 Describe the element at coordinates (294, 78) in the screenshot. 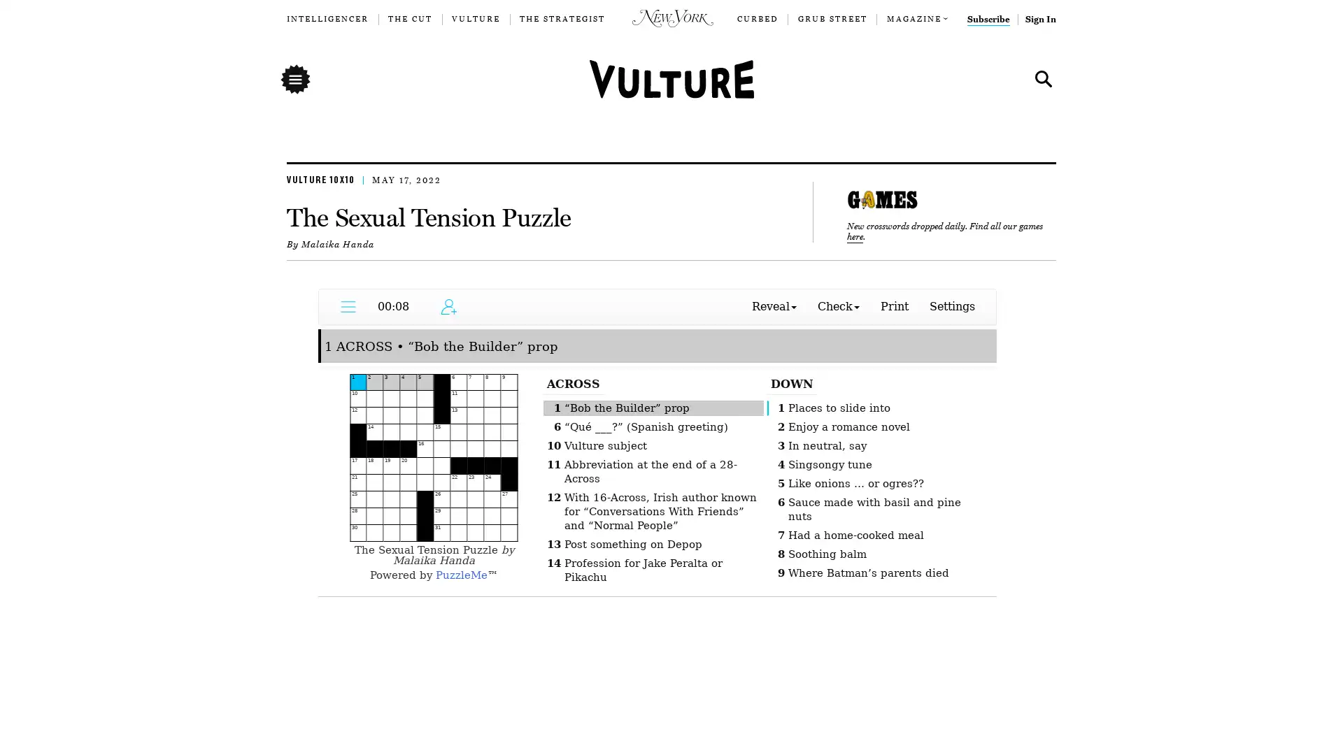

I see `Menu` at that location.